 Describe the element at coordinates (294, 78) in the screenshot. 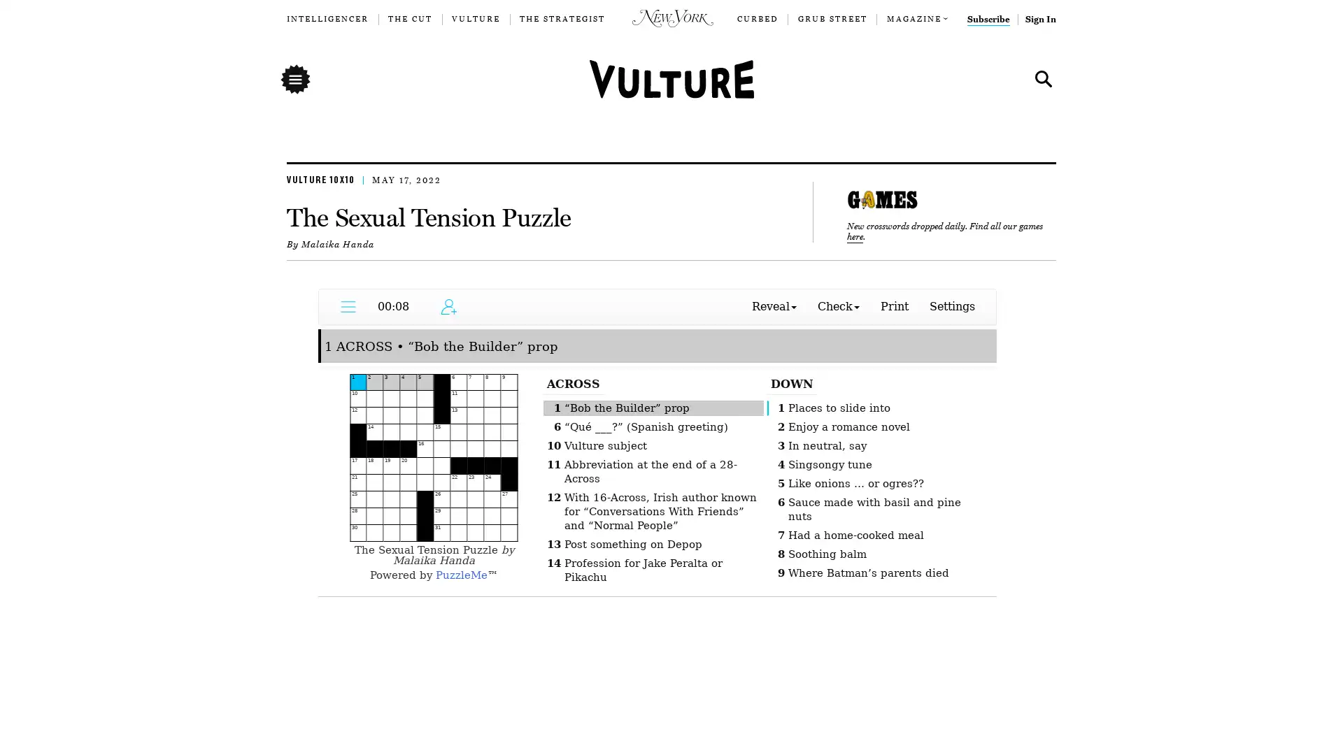

I see `Menu` at that location.